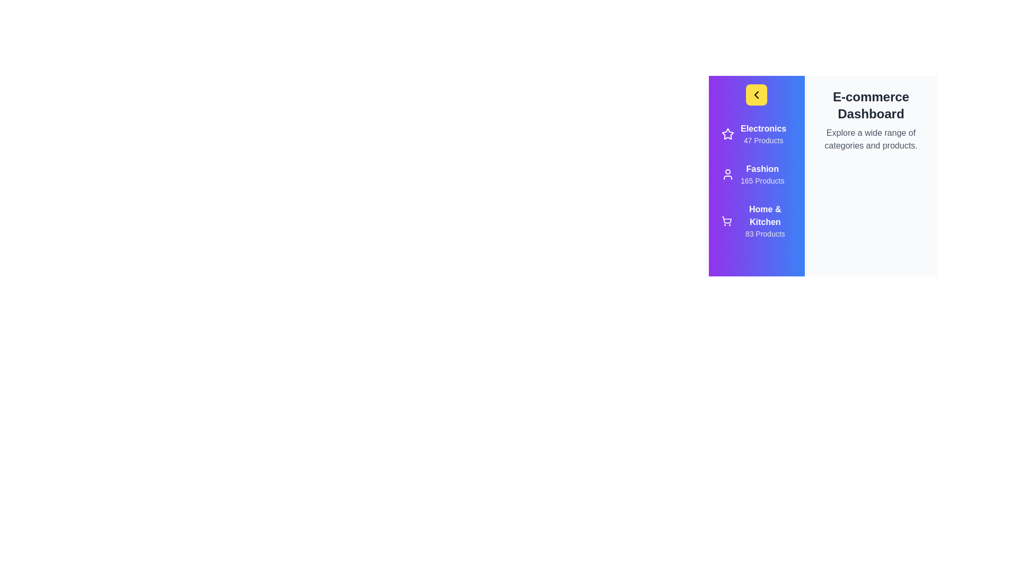  What do you see at coordinates (756, 94) in the screenshot?
I see `toggle button to change the sidebar's state` at bounding box center [756, 94].